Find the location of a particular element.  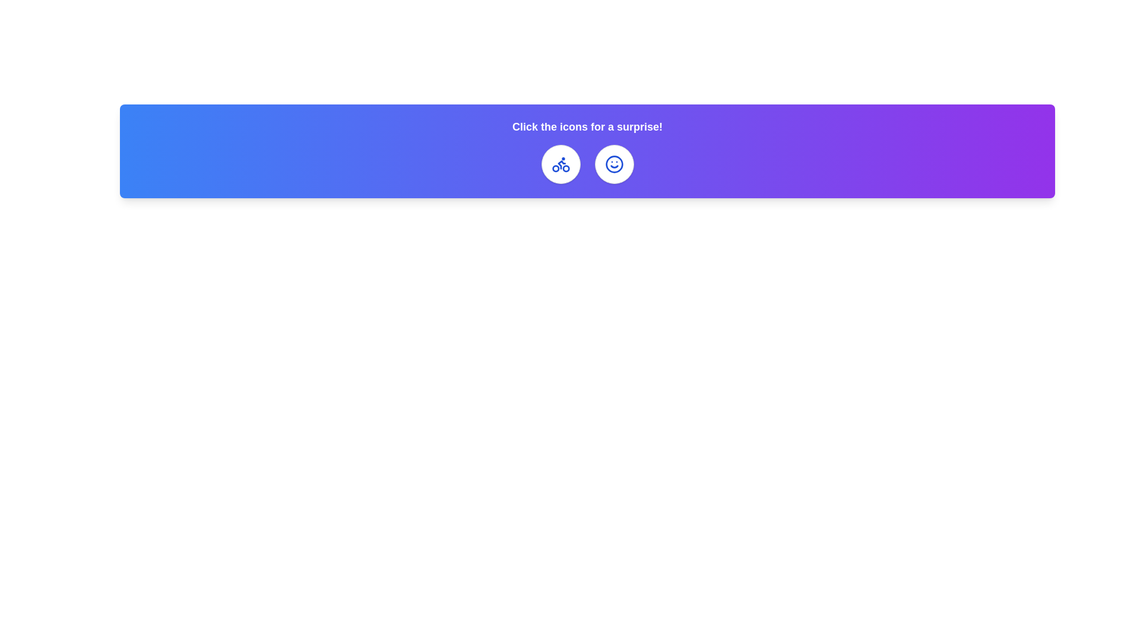

the left wheel of the bicycle icon, which is represented by a circle graphic element located slightly above the bottom-left of the icon's bounding box is located at coordinates (555, 169).